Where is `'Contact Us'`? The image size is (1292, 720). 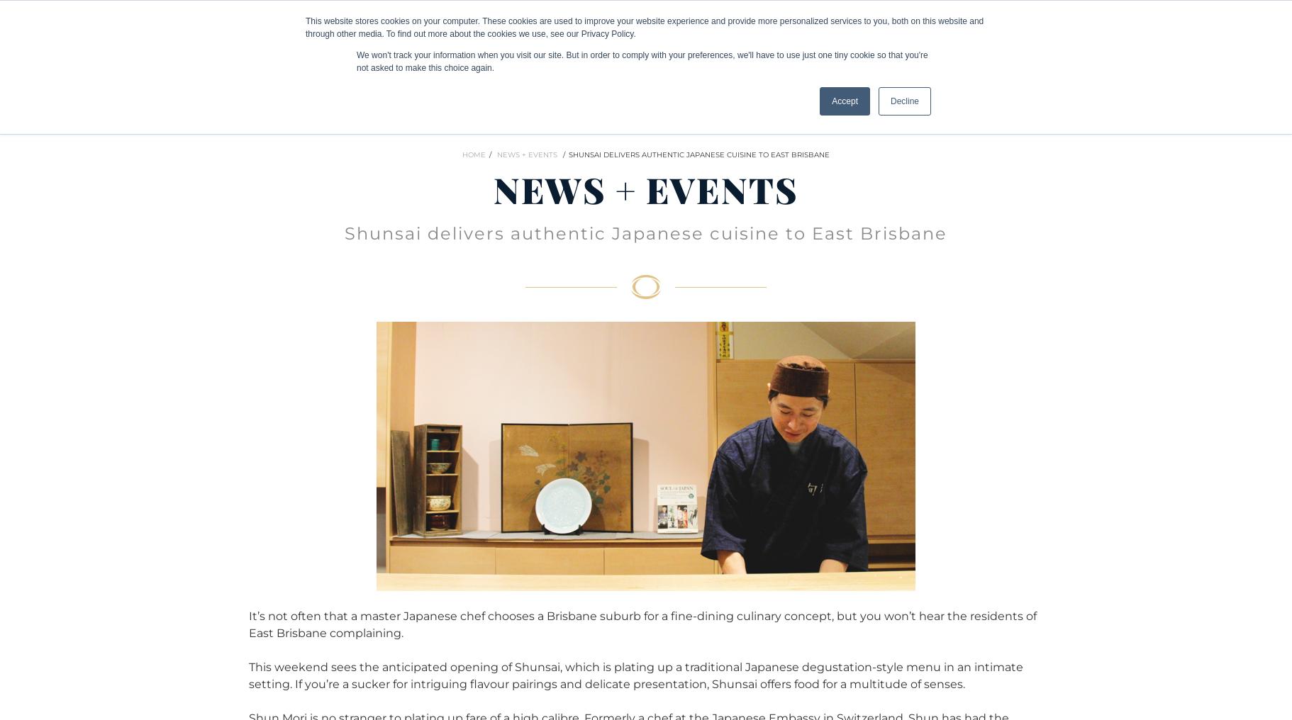
'Contact Us' is located at coordinates (1181, 27).